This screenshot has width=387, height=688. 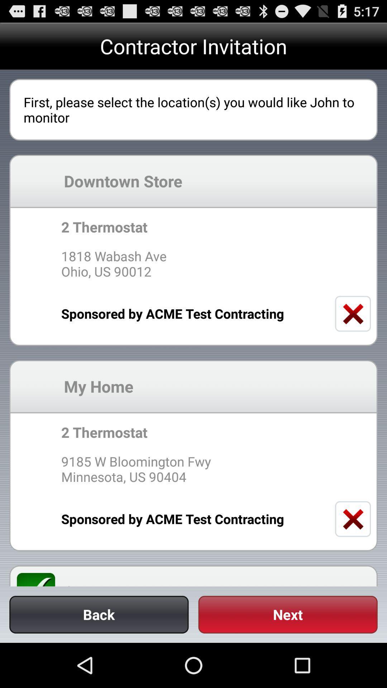 What do you see at coordinates (193, 263) in the screenshot?
I see `the 1818 wabash ave` at bounding box center [193, 263].